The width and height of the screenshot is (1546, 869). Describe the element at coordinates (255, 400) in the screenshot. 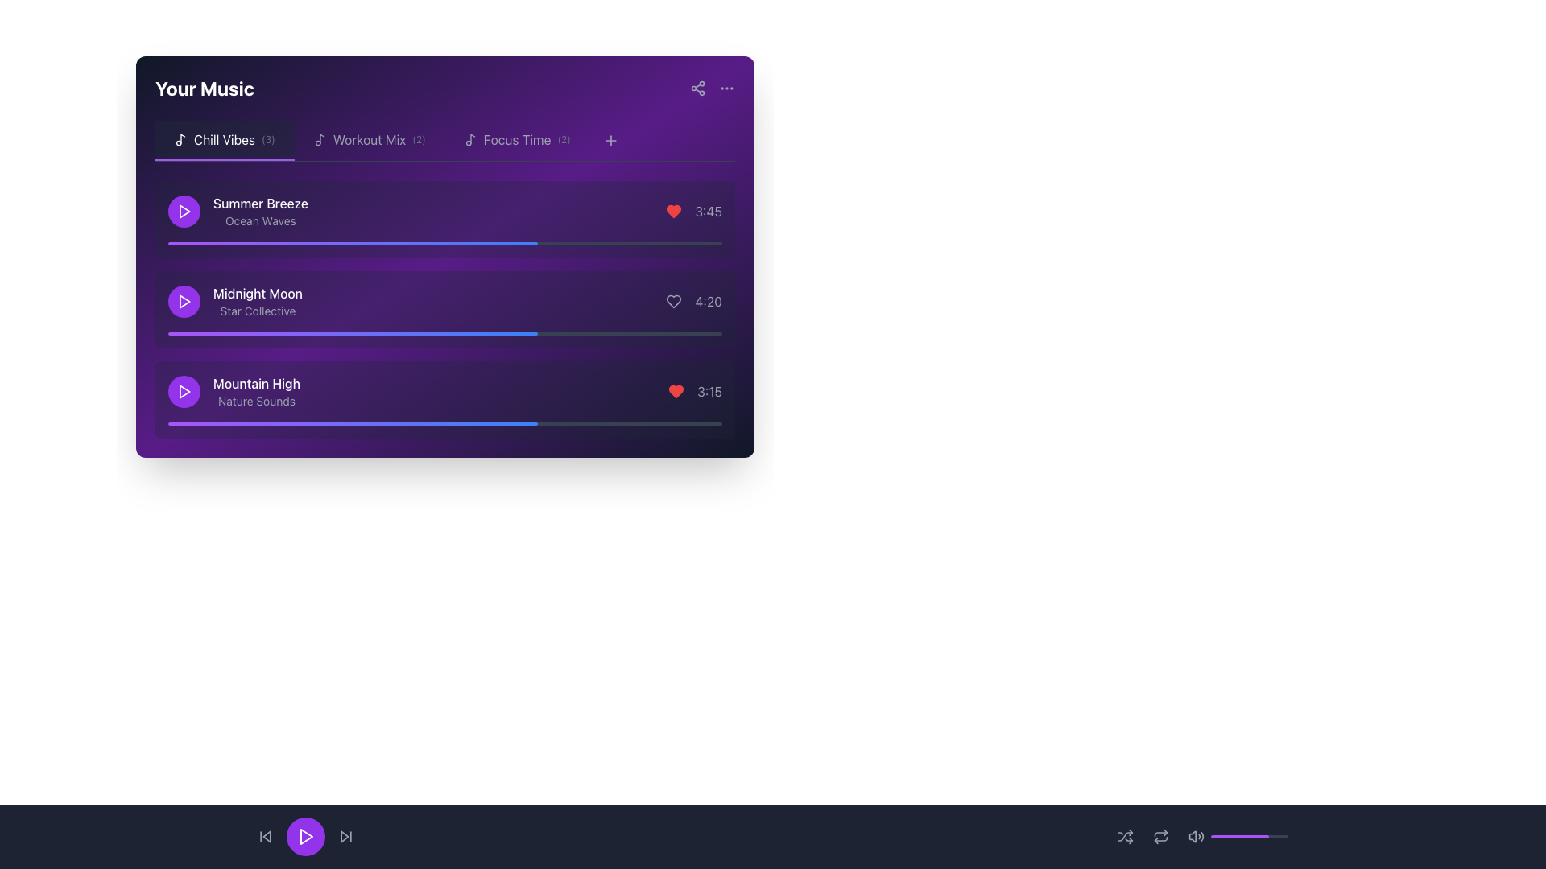

I see `descriptive text label located below the 'Mountain High' title in the 'Chill Vibes' tab of the playlist, which indicates the genre or theme of the music track` at that location.